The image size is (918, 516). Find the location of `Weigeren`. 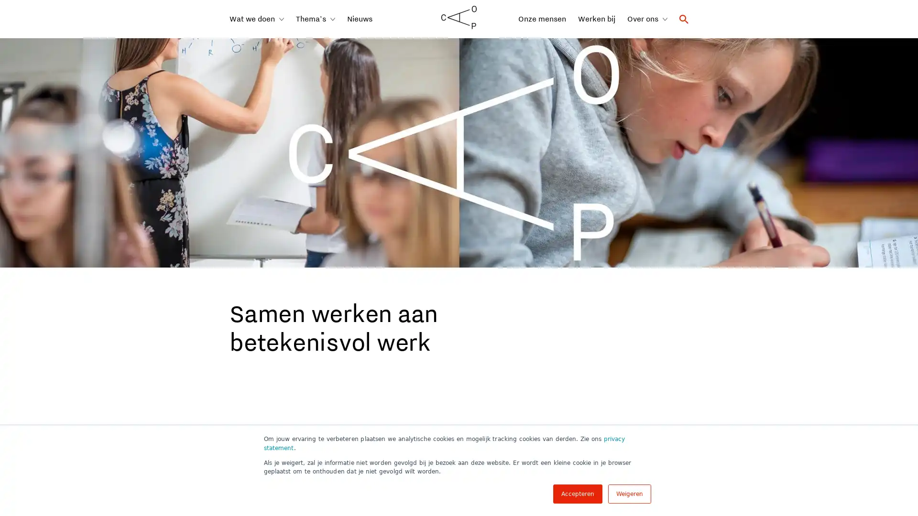

Weigeren is located at coordinates (629, 494).